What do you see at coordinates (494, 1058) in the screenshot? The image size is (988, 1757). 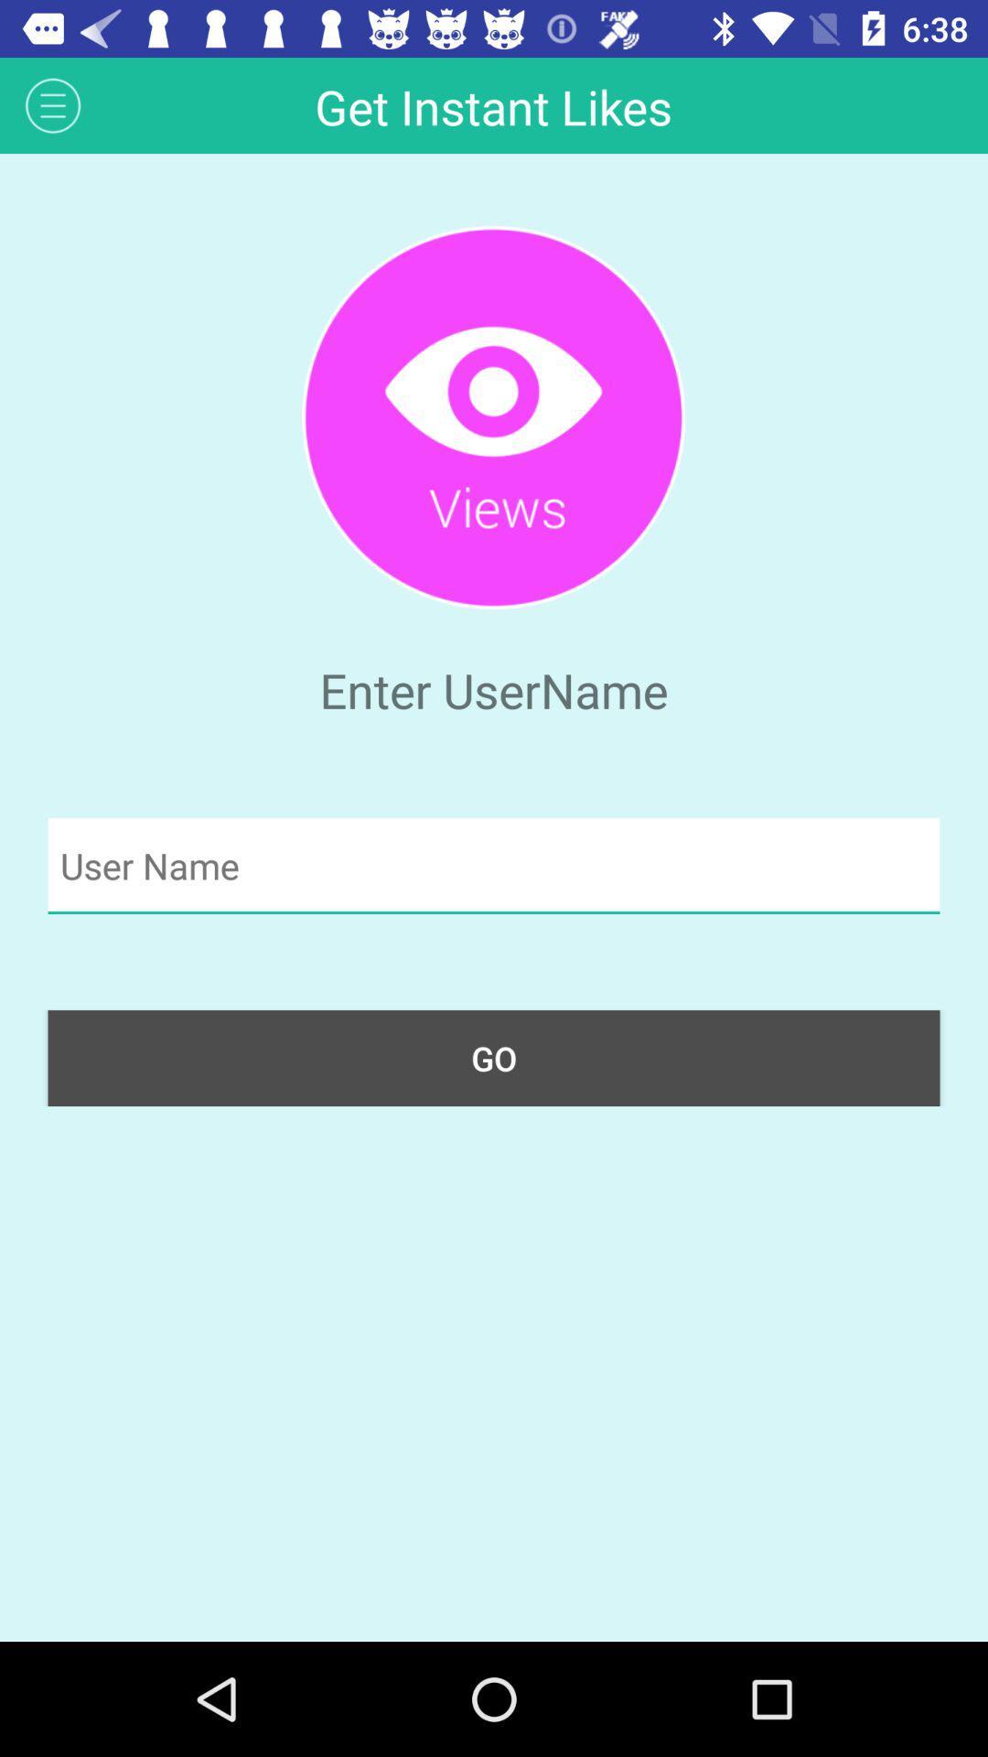 I see `the go button` at bounding box center [494, 1058].